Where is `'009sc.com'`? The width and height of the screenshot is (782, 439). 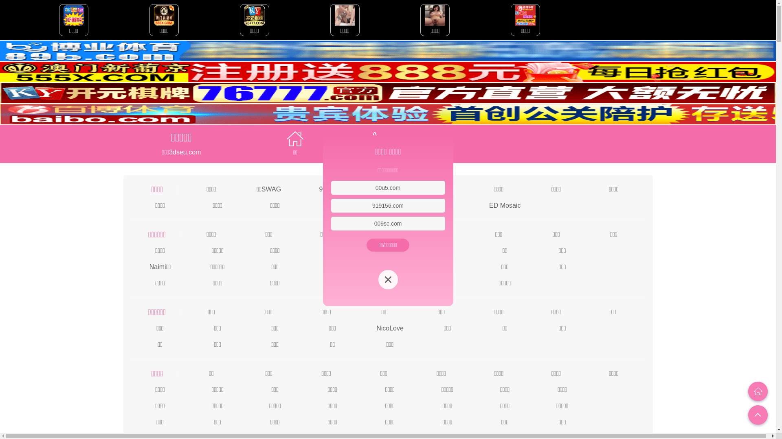
'009sc.com' is located at coordinates (388, 224).